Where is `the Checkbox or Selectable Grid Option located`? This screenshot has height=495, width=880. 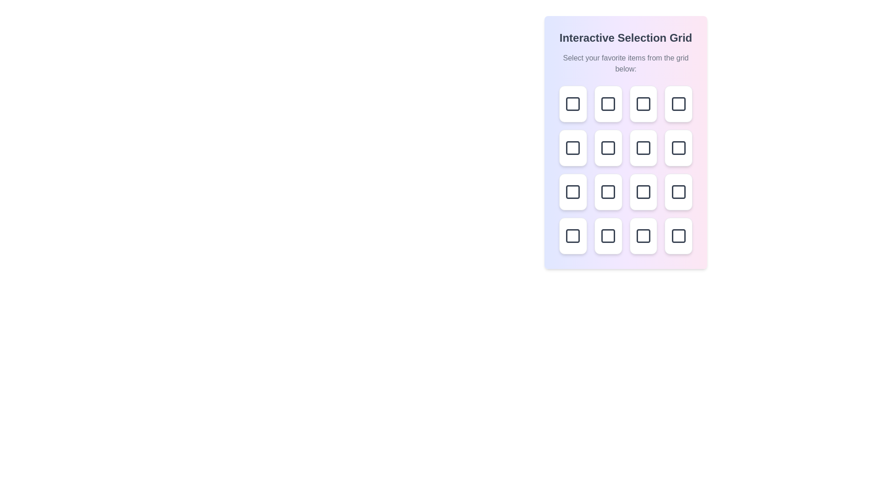
the Checkbox or Selectable Grid Option located is located at coordinates (608, 192).